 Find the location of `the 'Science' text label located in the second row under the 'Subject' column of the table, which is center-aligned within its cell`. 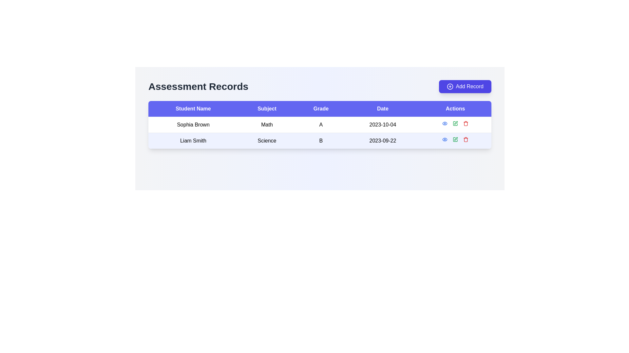

the 'Science' text label located in the second row under the 'Subject' column of the table, which is center-aligned within its cell is located at coordinates (267, 140).